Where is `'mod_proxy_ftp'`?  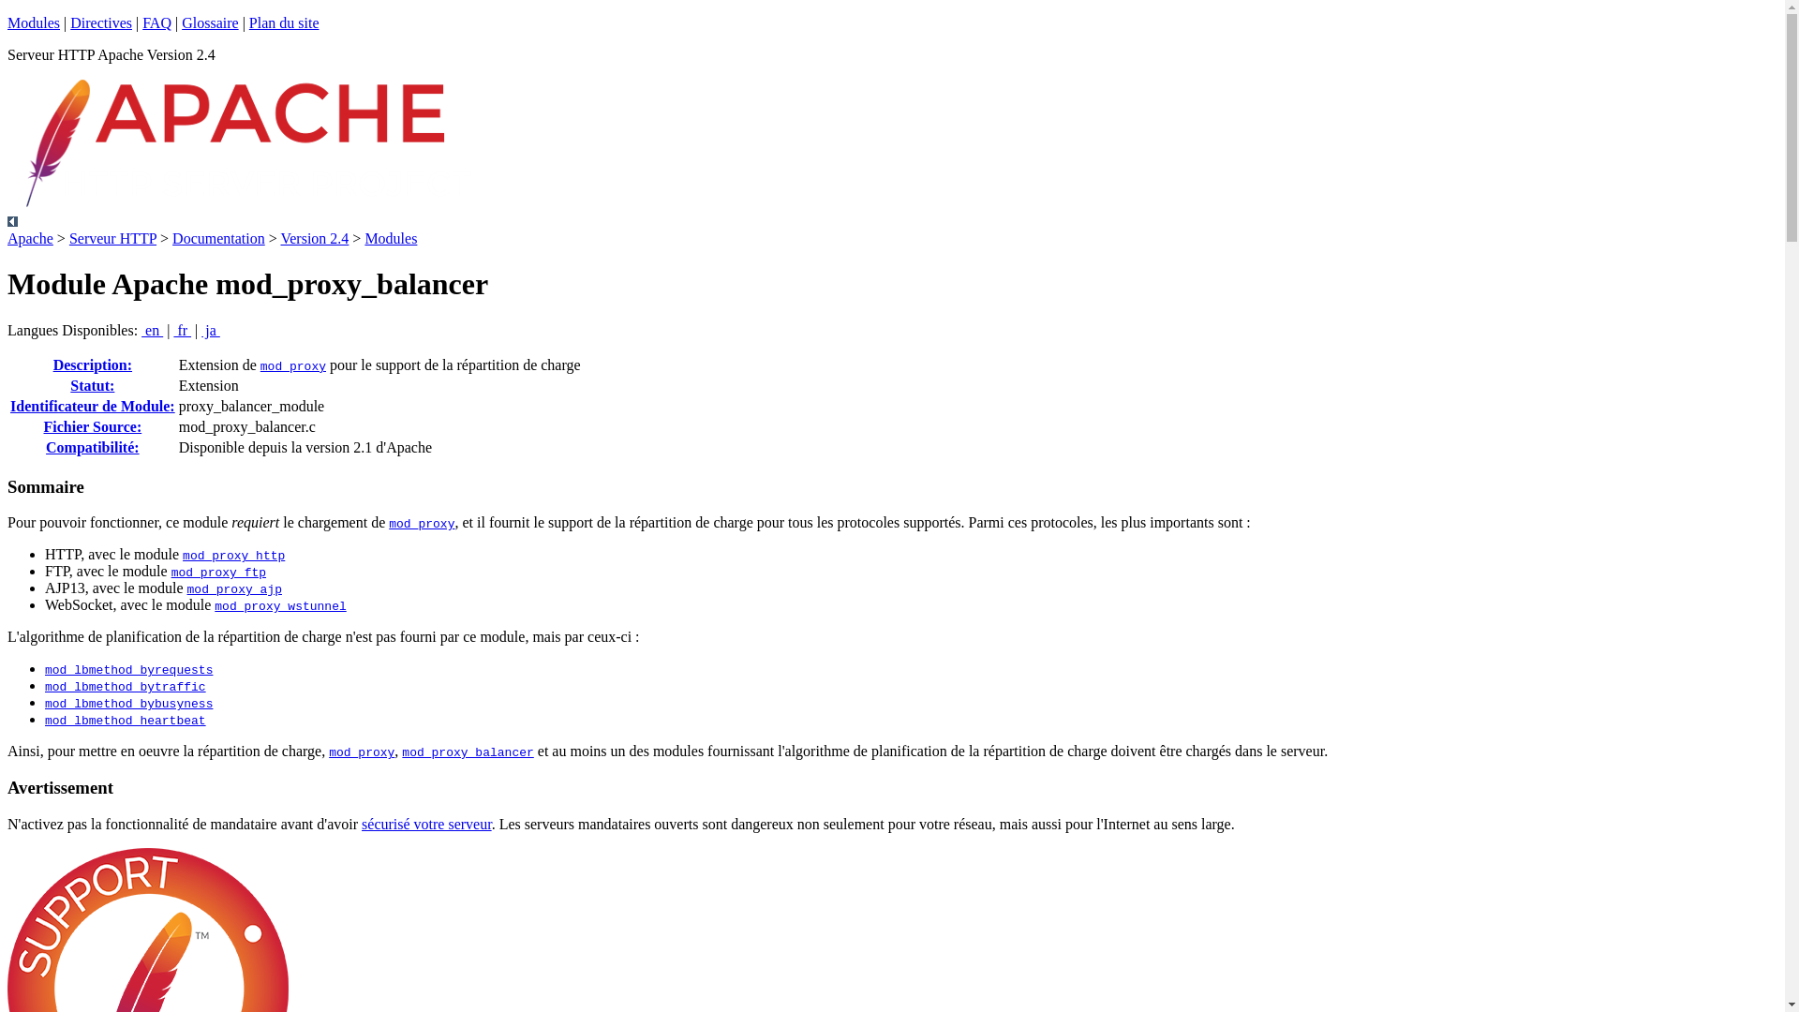 'mod_proxy_ftp' is located at coordinates (218, 572).